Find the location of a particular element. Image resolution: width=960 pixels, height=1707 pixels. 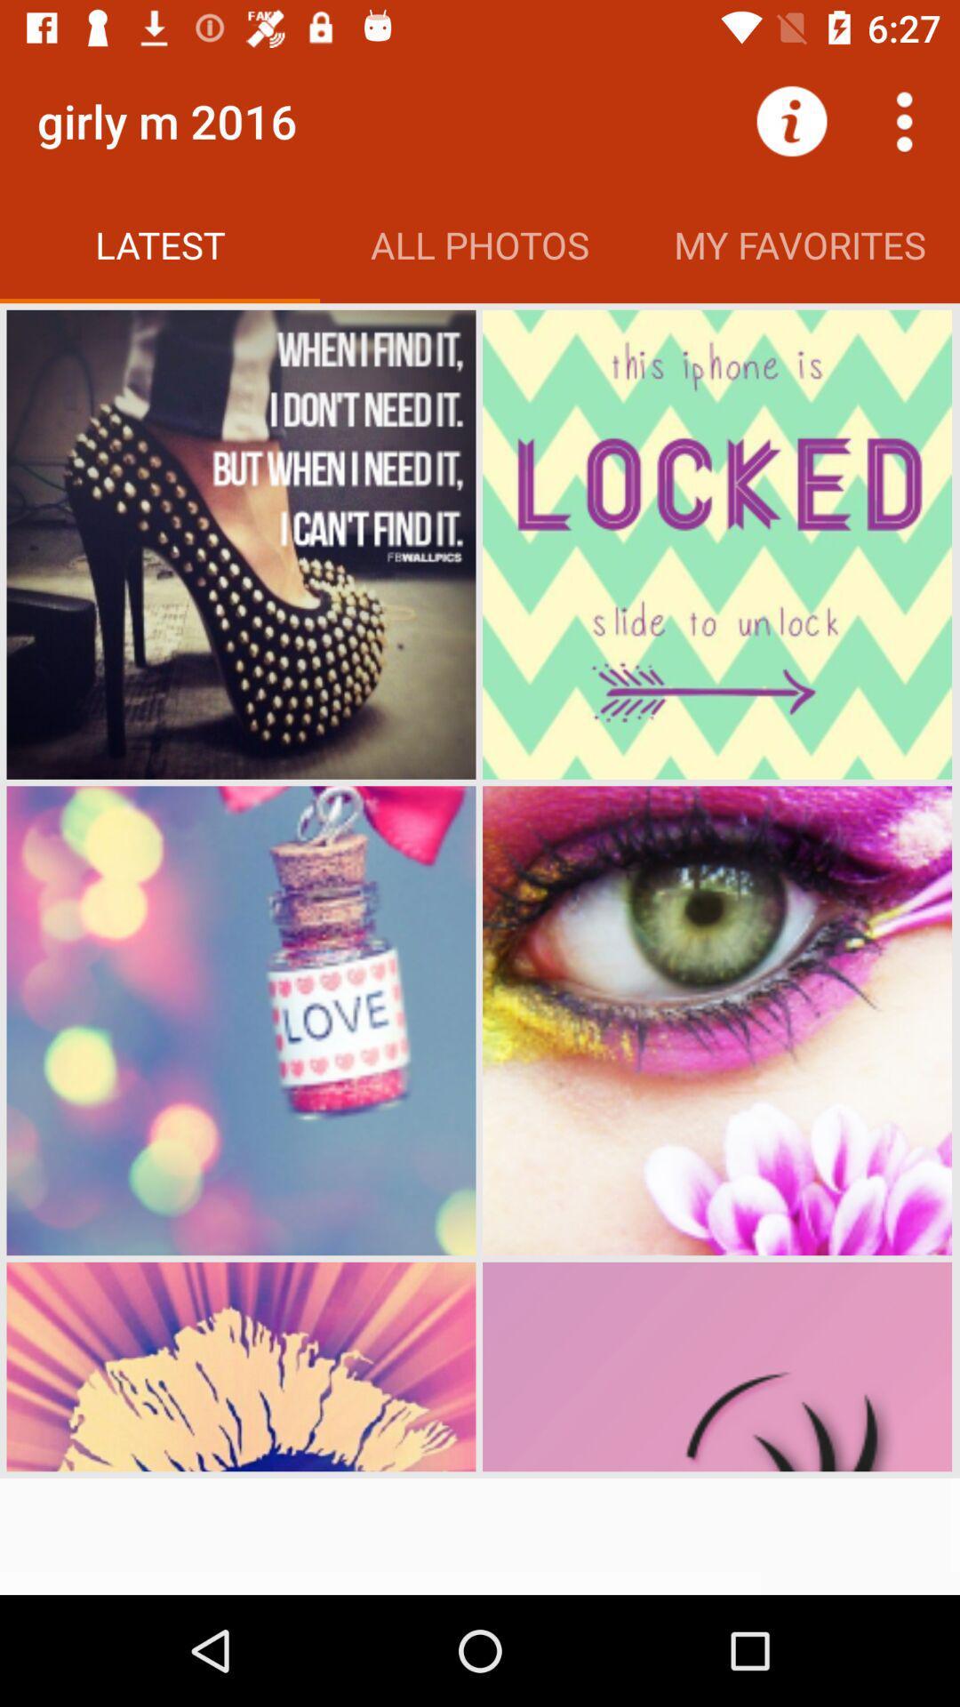

more options is located at coordinates (904, 120).